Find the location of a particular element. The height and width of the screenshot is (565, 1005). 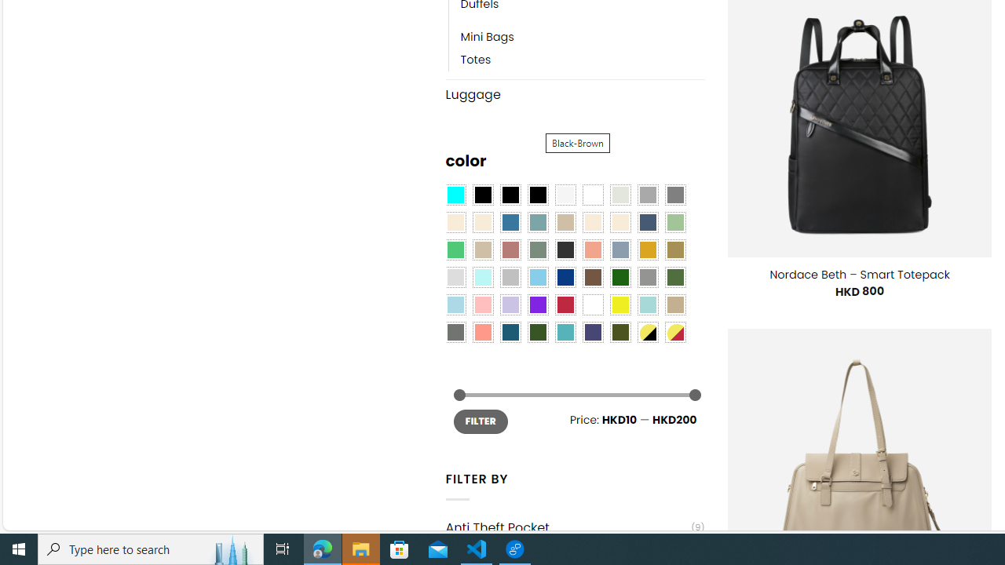

'Yellow' is located at coordinates (619, 304).